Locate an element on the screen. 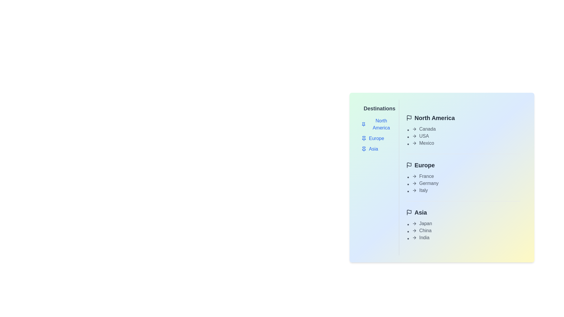 The image size is (564, 317). the second item in the List of items with associated icons is located at coordinates (378, 135).